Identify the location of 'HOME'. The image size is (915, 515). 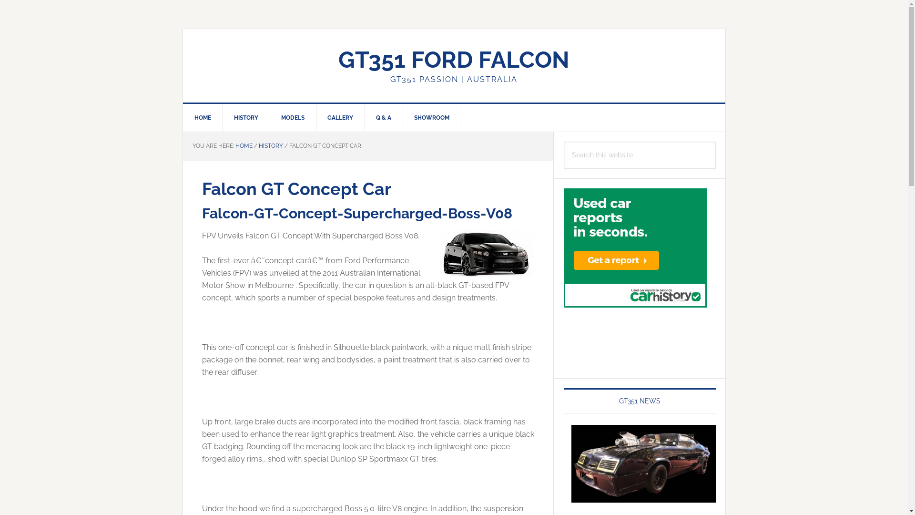
(244, 145).